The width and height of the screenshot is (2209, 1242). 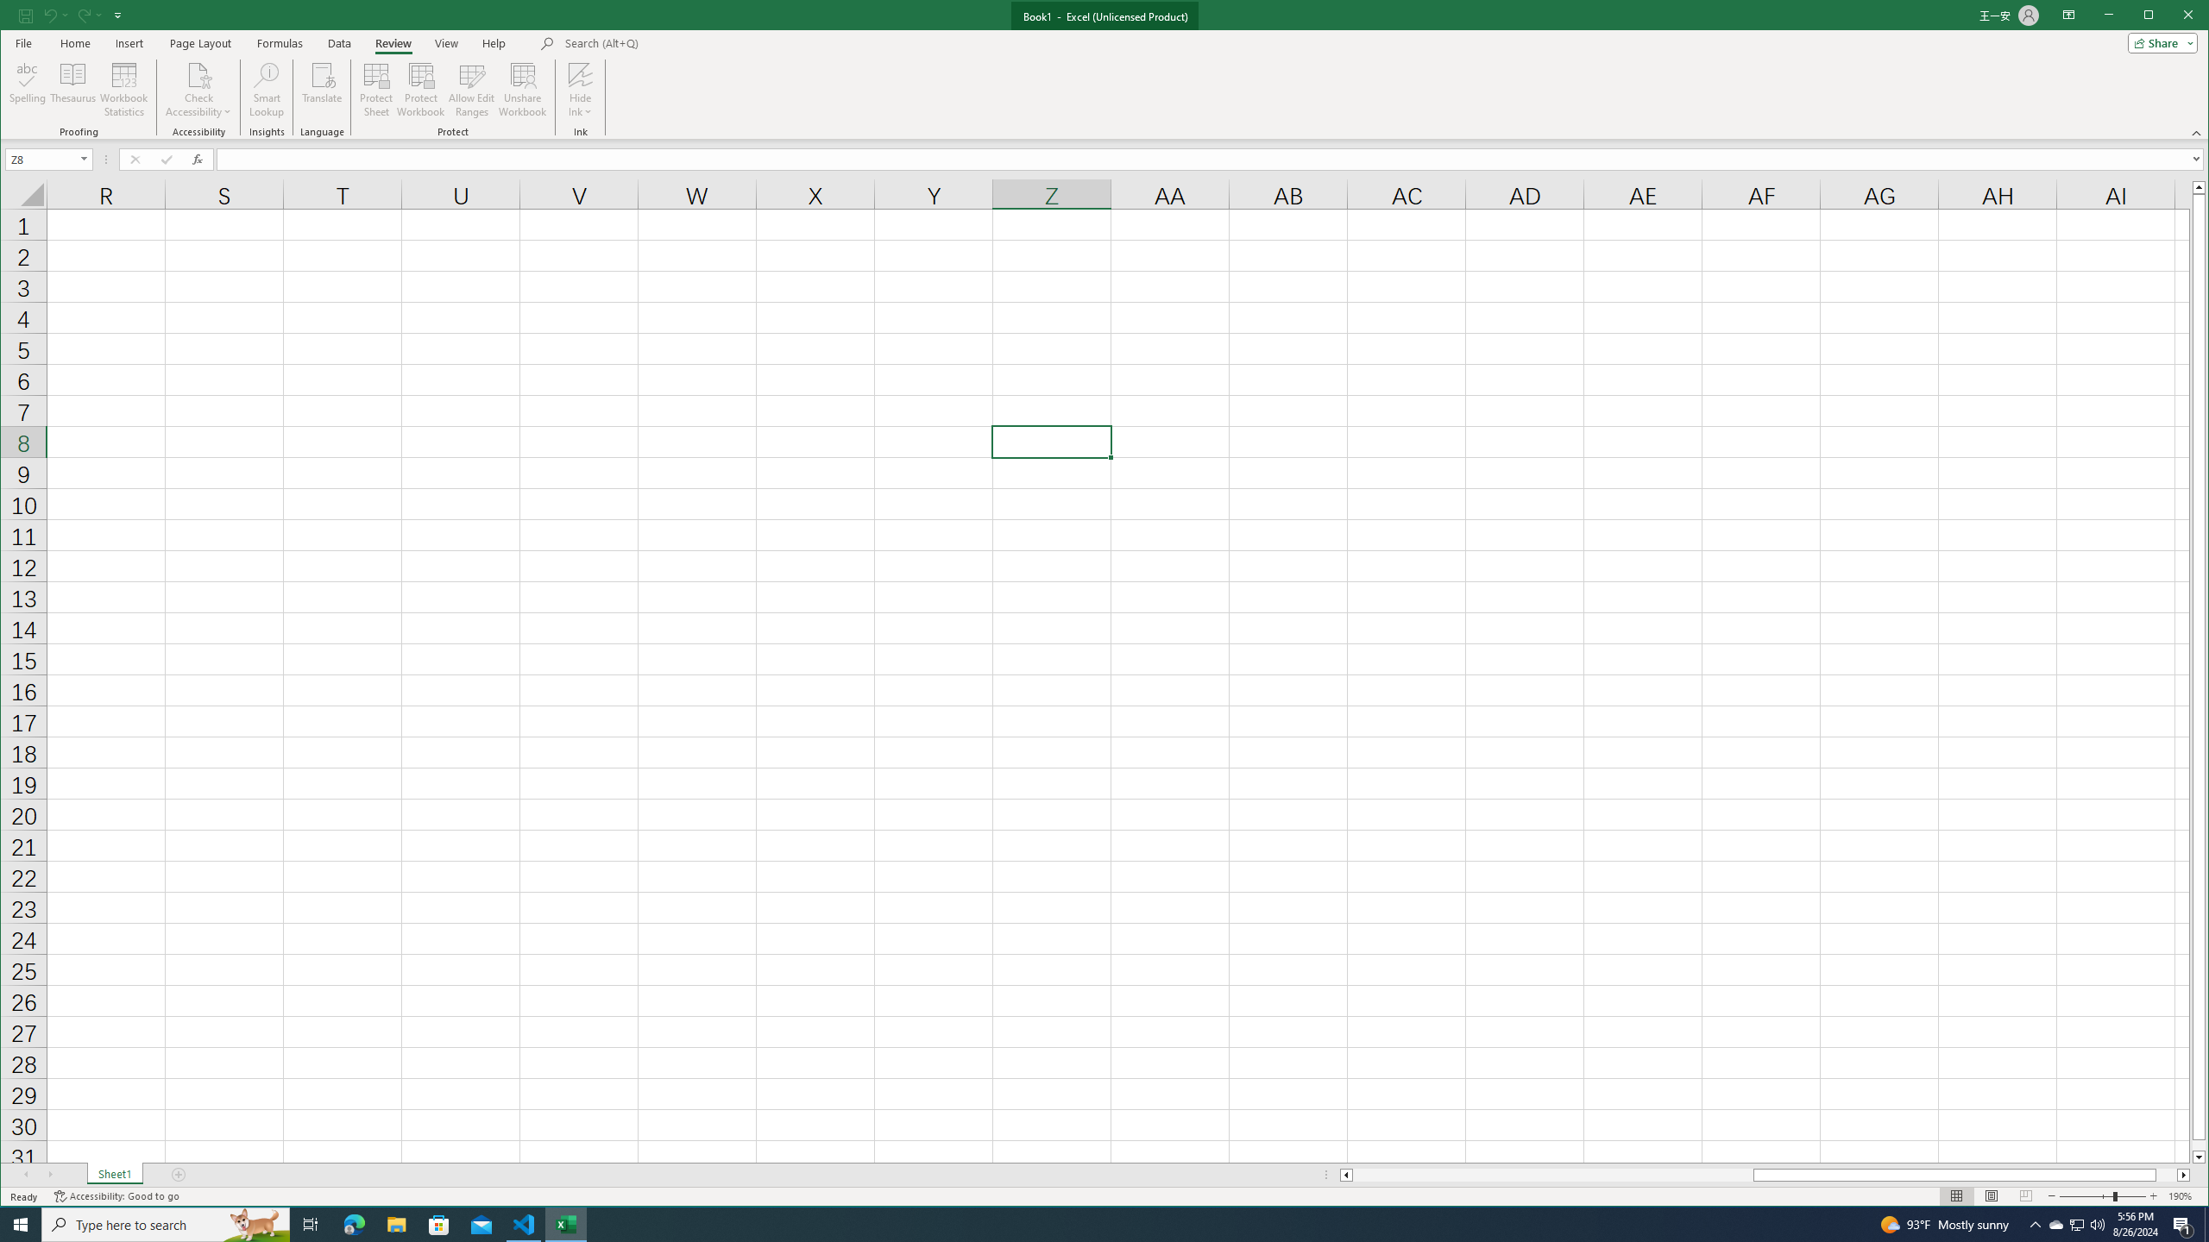 What do you see at coordinates (471, 89) in the screenshot?
I see `'Allow Edit Ranges'` at bounding box center [471, 89].